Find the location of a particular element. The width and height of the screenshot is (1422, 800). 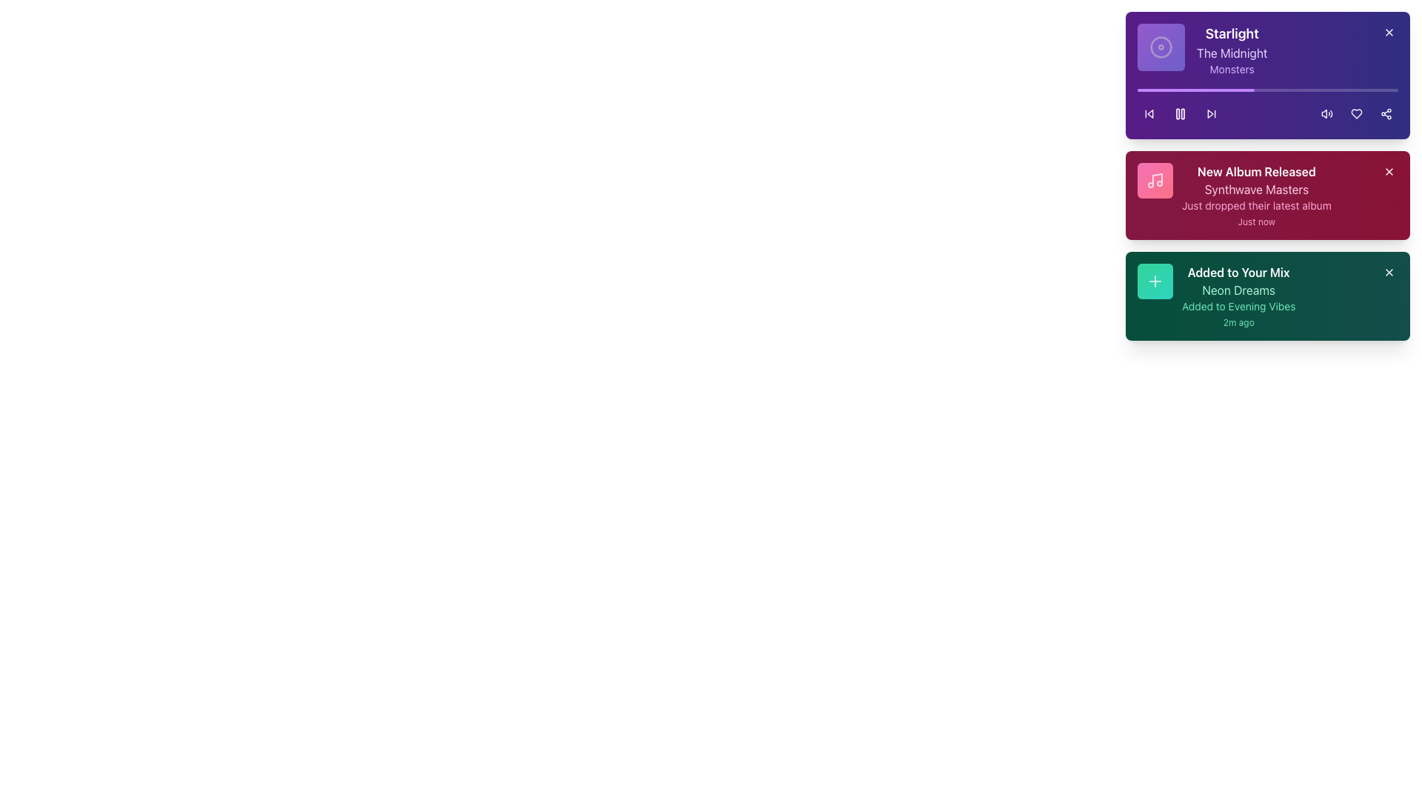

the progress bar that visually represents the playback progress of the current track, located at the top of the purple card displaying 'Starlight', 'The Midnight', and 'Monsters' is located at coordinates (1267, 90).